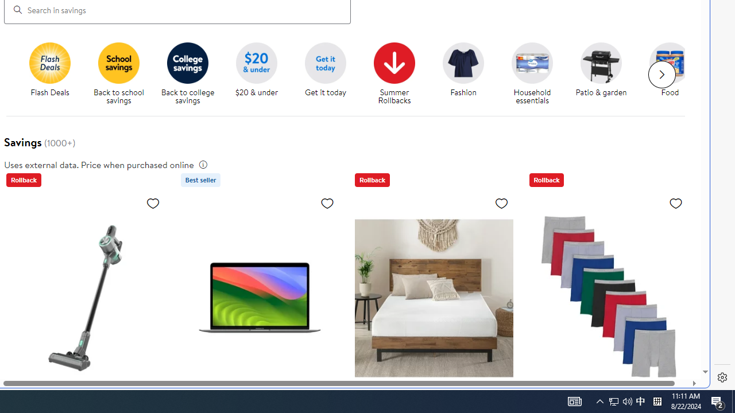 This screenshot has height=413, width=735. I want to click on 'Household essentials Household essentials', so click(532, 74).